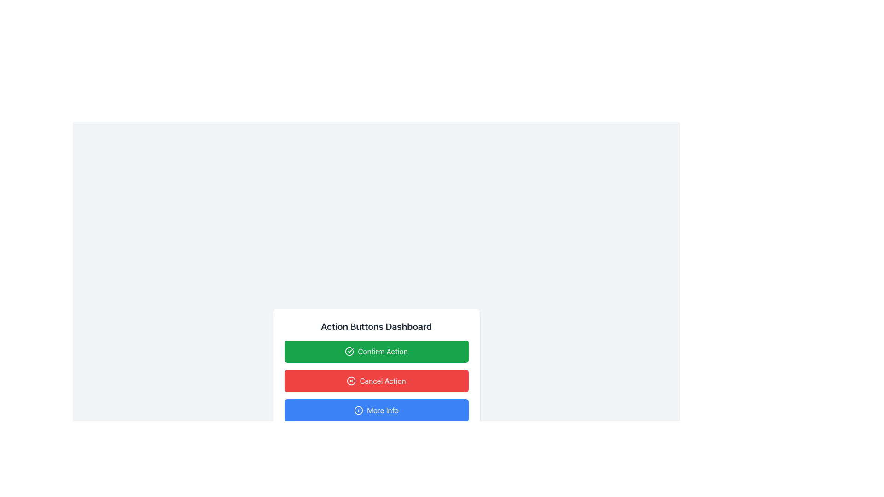 The height and width of the screenshot is (497, 884). I want to click on the circular green checkmark icon within the 'Confirm Action' button, which is centrally positioned among three vertically stacked buttons, so click(349, 351).